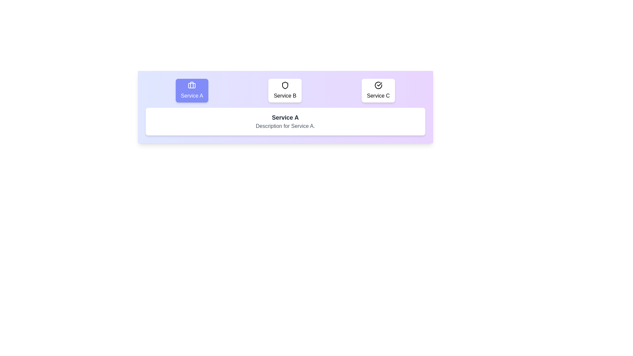 The width and height of the screenshot is (633, 356). I want to click on the 'Service A' card within the interactive panel that features a gradient background from light indigo to purple, so click(285, 106).